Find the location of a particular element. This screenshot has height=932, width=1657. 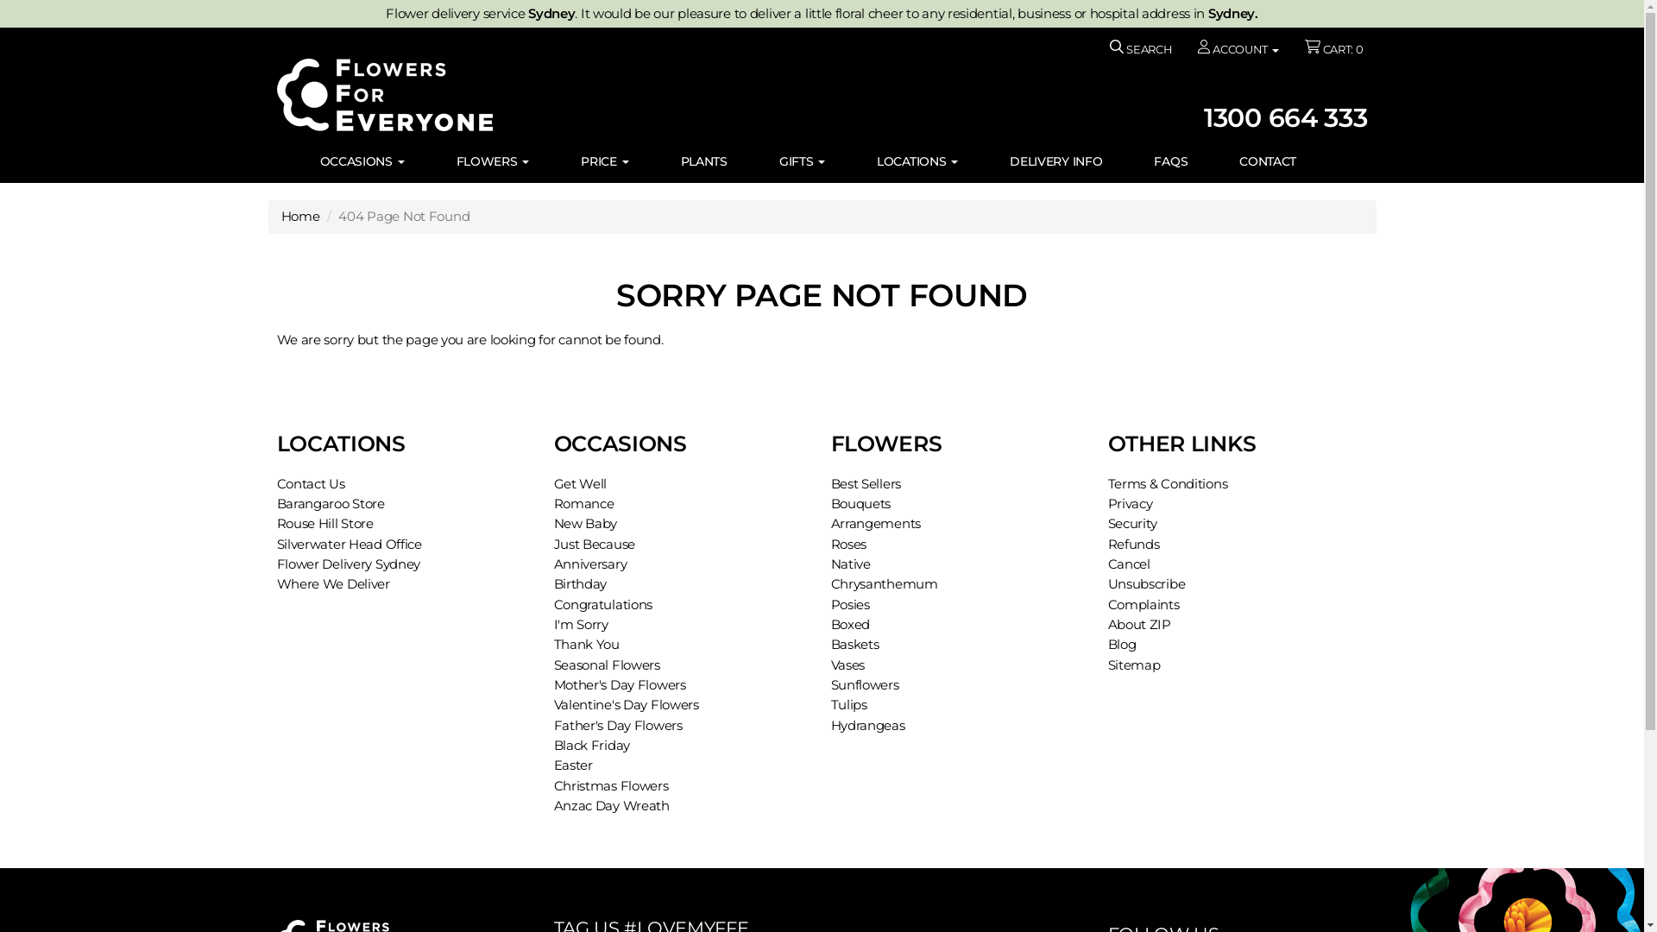

'FAQS' is located at coordinates (1170, 161).